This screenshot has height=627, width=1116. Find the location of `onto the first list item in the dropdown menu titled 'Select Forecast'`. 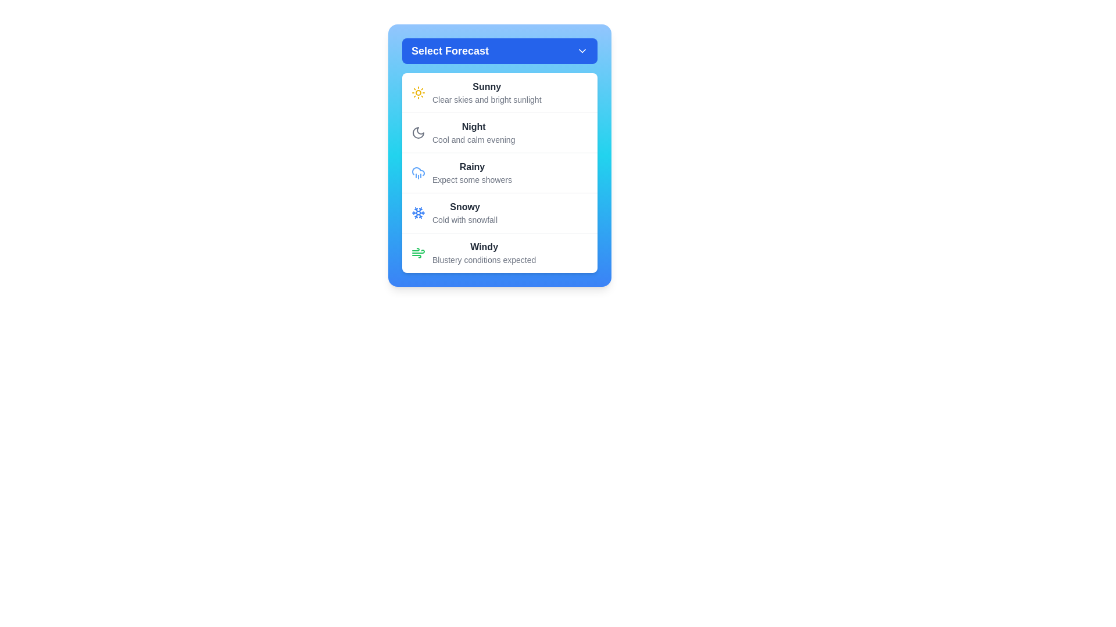

onto the first list item in the dropdown menu titled 'Select Forecast' is located at coordinates (499, 92).